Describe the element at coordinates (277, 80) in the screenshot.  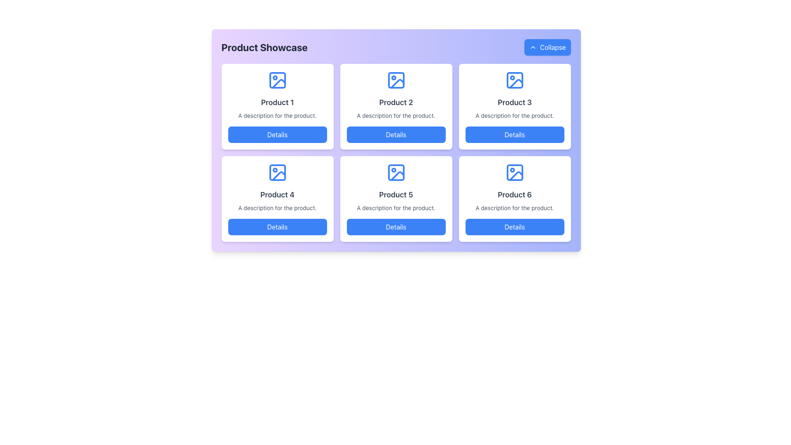
I see `the decorative rectangle with rounded corners that serves as the base layer of the image placeholder icon in the first Product card labeled 'Product 1'` at that location.